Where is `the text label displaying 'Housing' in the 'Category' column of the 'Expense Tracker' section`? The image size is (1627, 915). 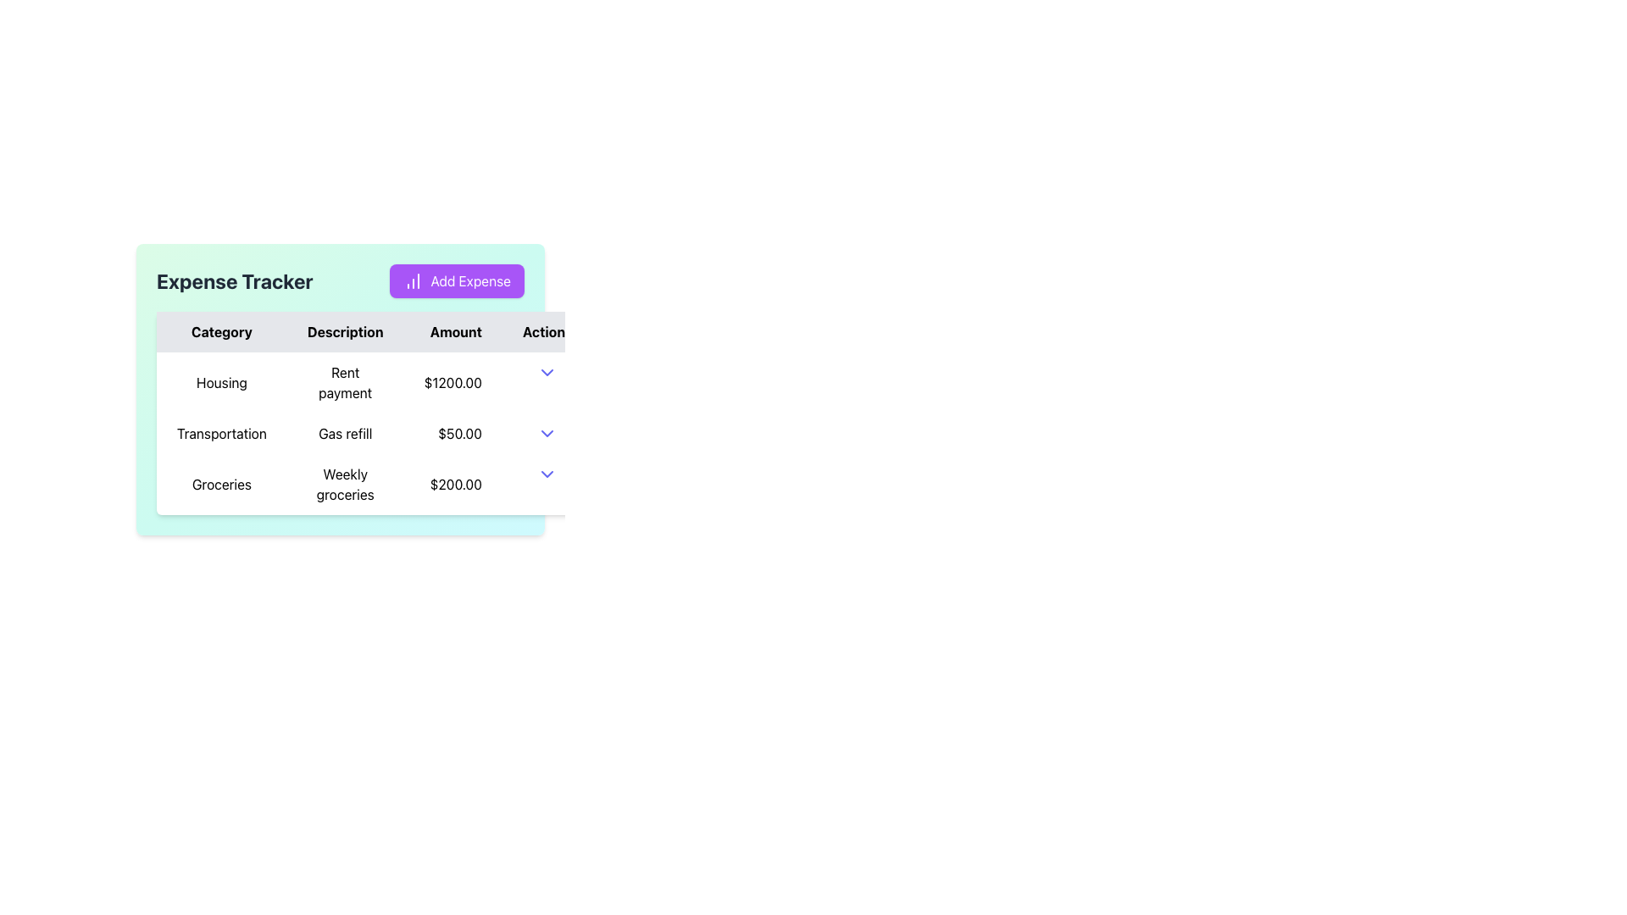 the text label displaying 'Housing' in the 'Category' column of the 'Expense Tracker' section is located at coordinates (220, 382).